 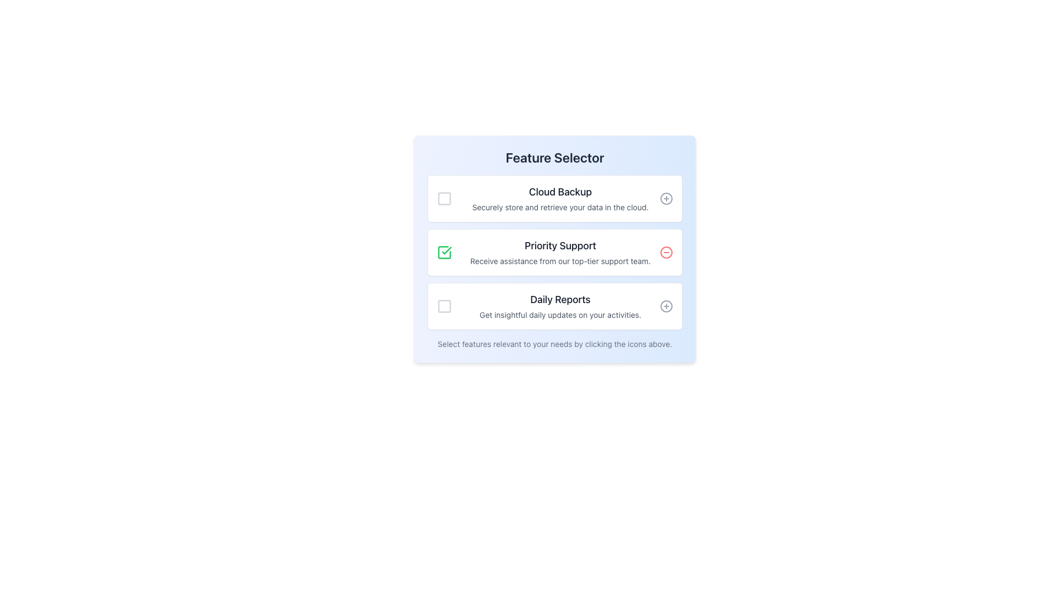 I want to click on the 'Feature Selector' text label, which is a bold heading positioned at the top of the feature selection panel, so click(x=554, y=157).